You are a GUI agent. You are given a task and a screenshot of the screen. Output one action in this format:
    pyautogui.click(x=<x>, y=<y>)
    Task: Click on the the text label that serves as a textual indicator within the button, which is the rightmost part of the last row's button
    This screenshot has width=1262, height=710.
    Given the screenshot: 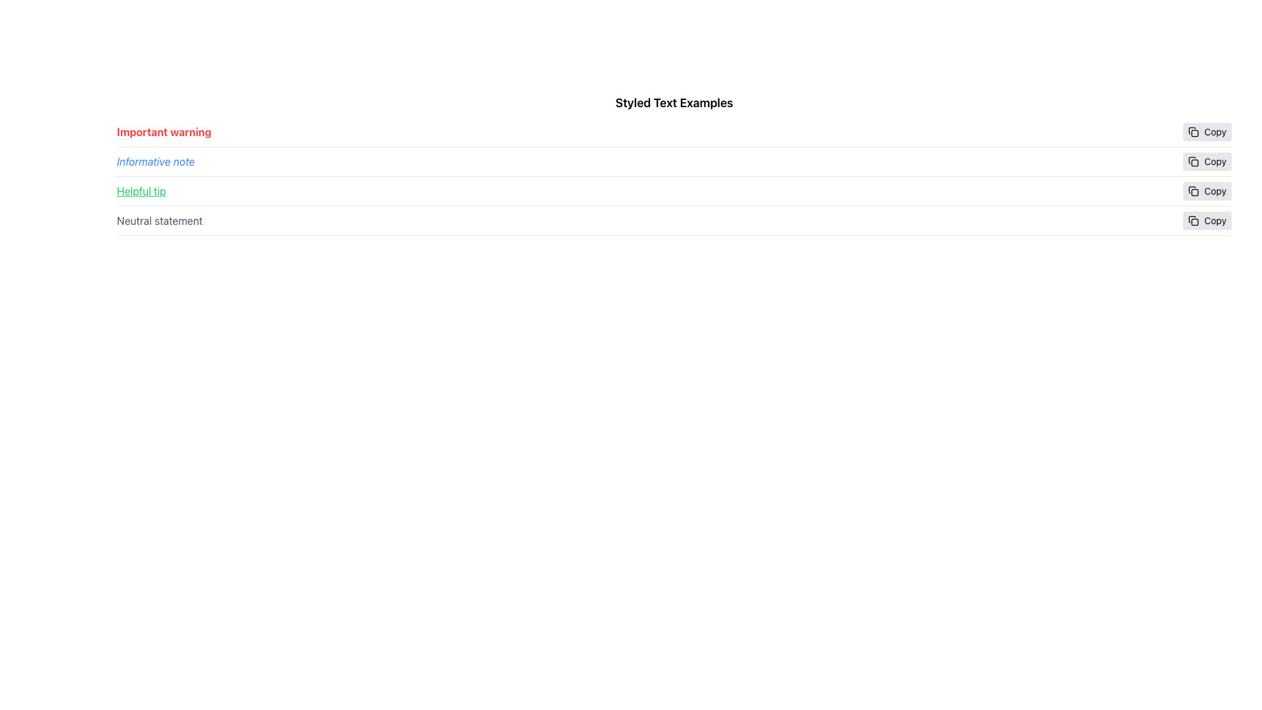 What is the action you would take?
    pyautogui.click(x=1215, y=220)
    